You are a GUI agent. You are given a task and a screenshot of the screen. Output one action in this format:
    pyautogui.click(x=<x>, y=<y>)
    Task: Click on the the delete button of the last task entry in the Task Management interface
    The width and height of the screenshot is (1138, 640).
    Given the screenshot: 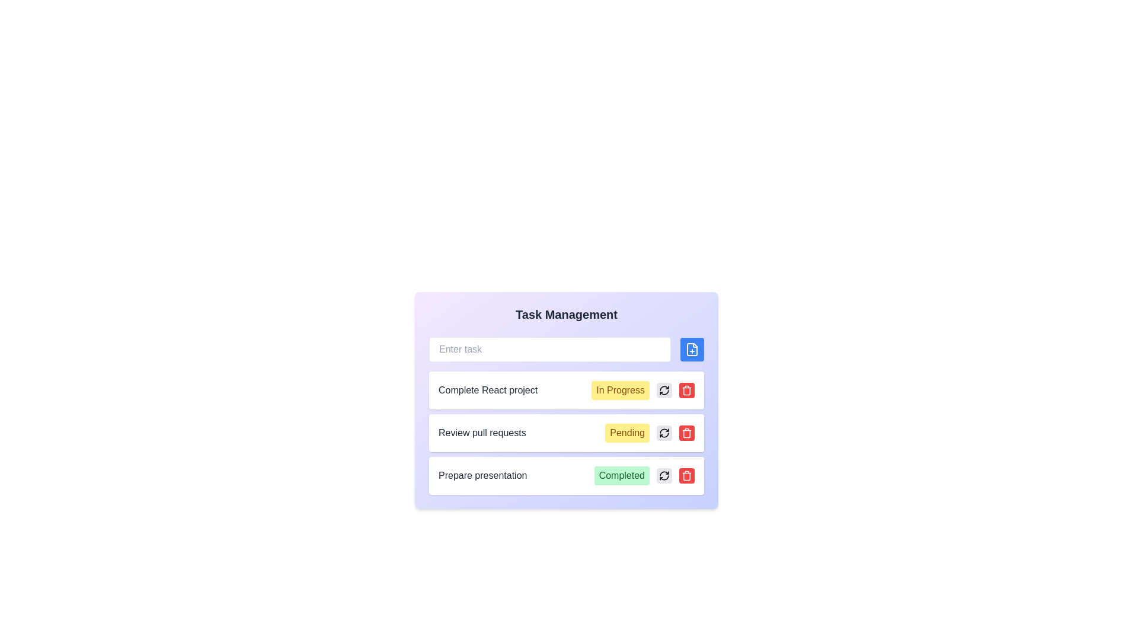 What is the action you would take?
    pyautogui.click(x=565, y=475)
    